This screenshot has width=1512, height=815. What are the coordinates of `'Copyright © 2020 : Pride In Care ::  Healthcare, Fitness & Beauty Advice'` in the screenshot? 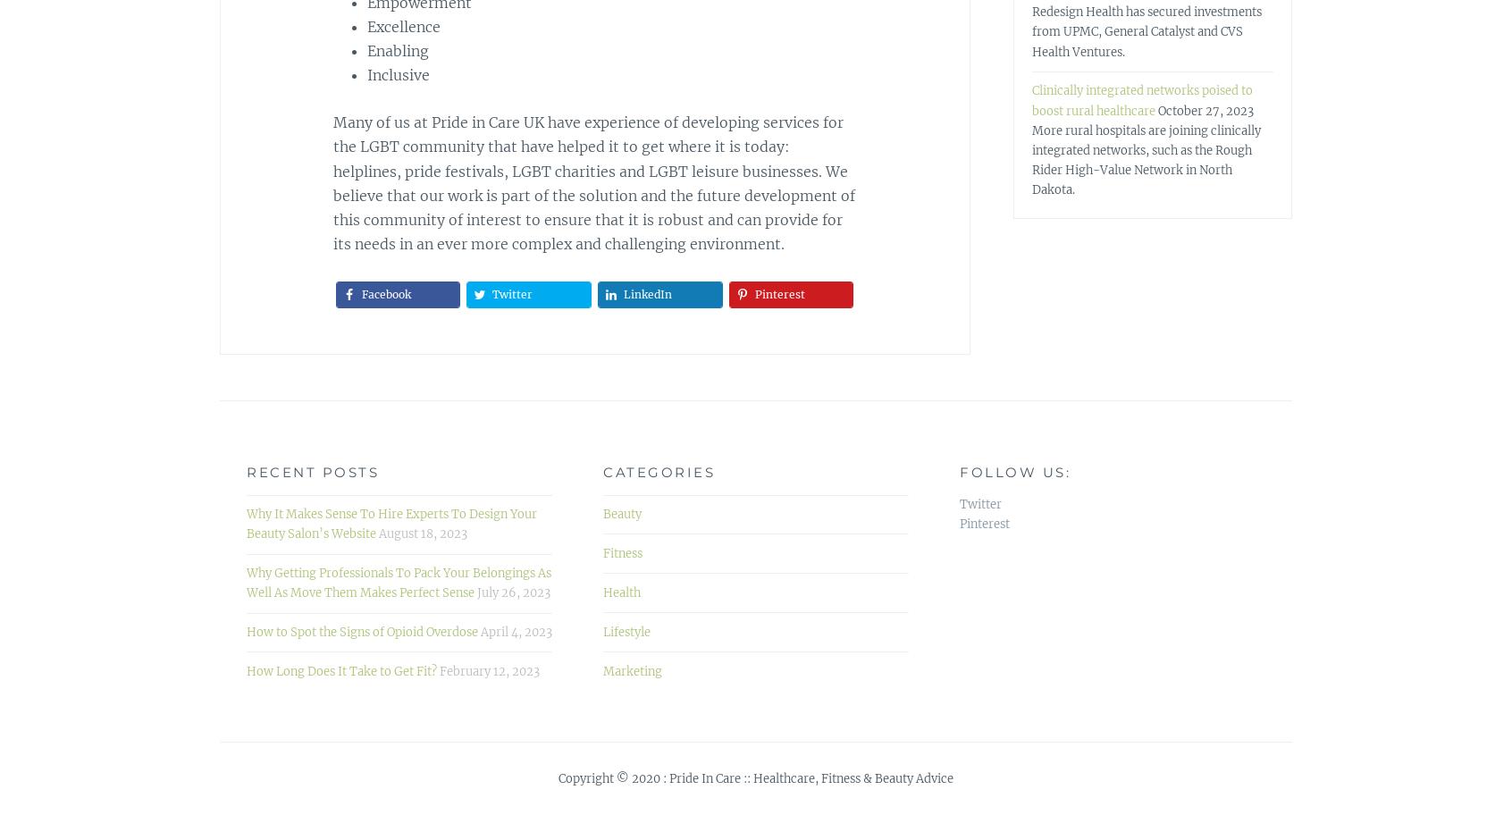 It's located at (756, 778).